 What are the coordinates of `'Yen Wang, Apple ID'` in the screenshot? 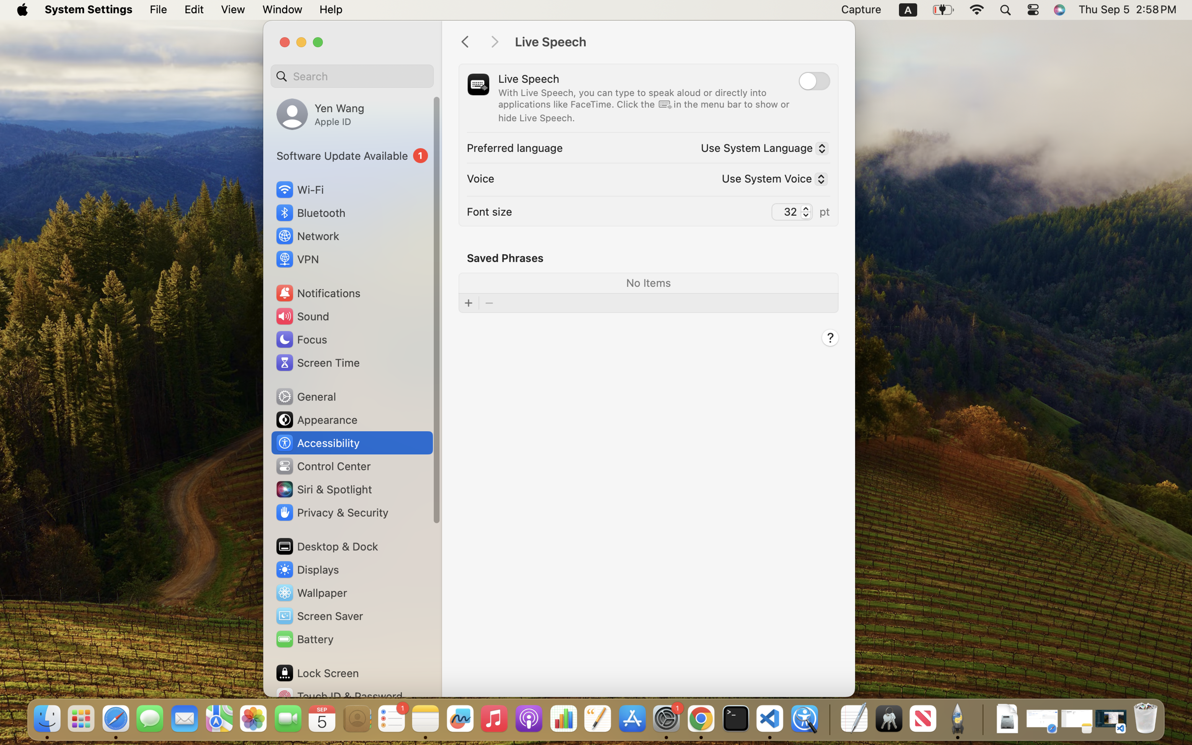 It's located at (320, 113).